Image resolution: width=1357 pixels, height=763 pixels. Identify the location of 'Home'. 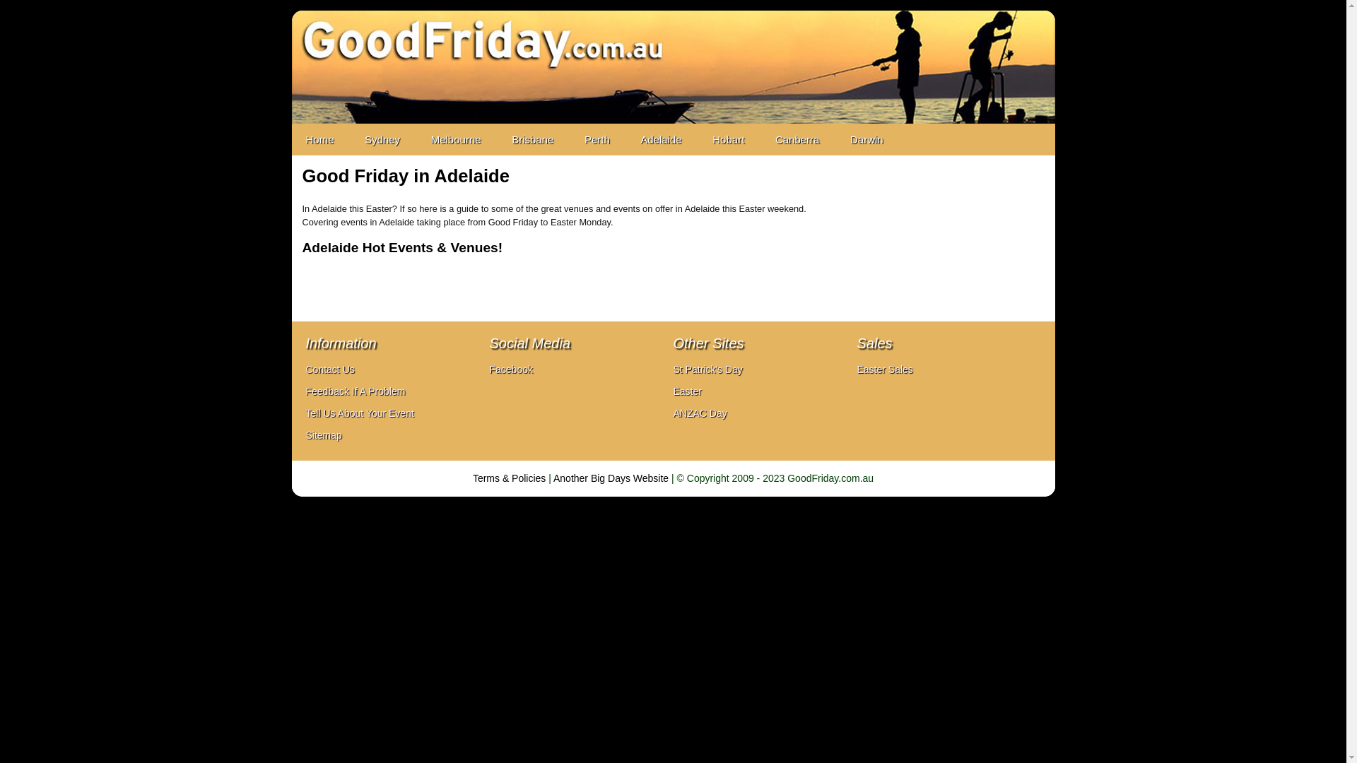
(318, 139).